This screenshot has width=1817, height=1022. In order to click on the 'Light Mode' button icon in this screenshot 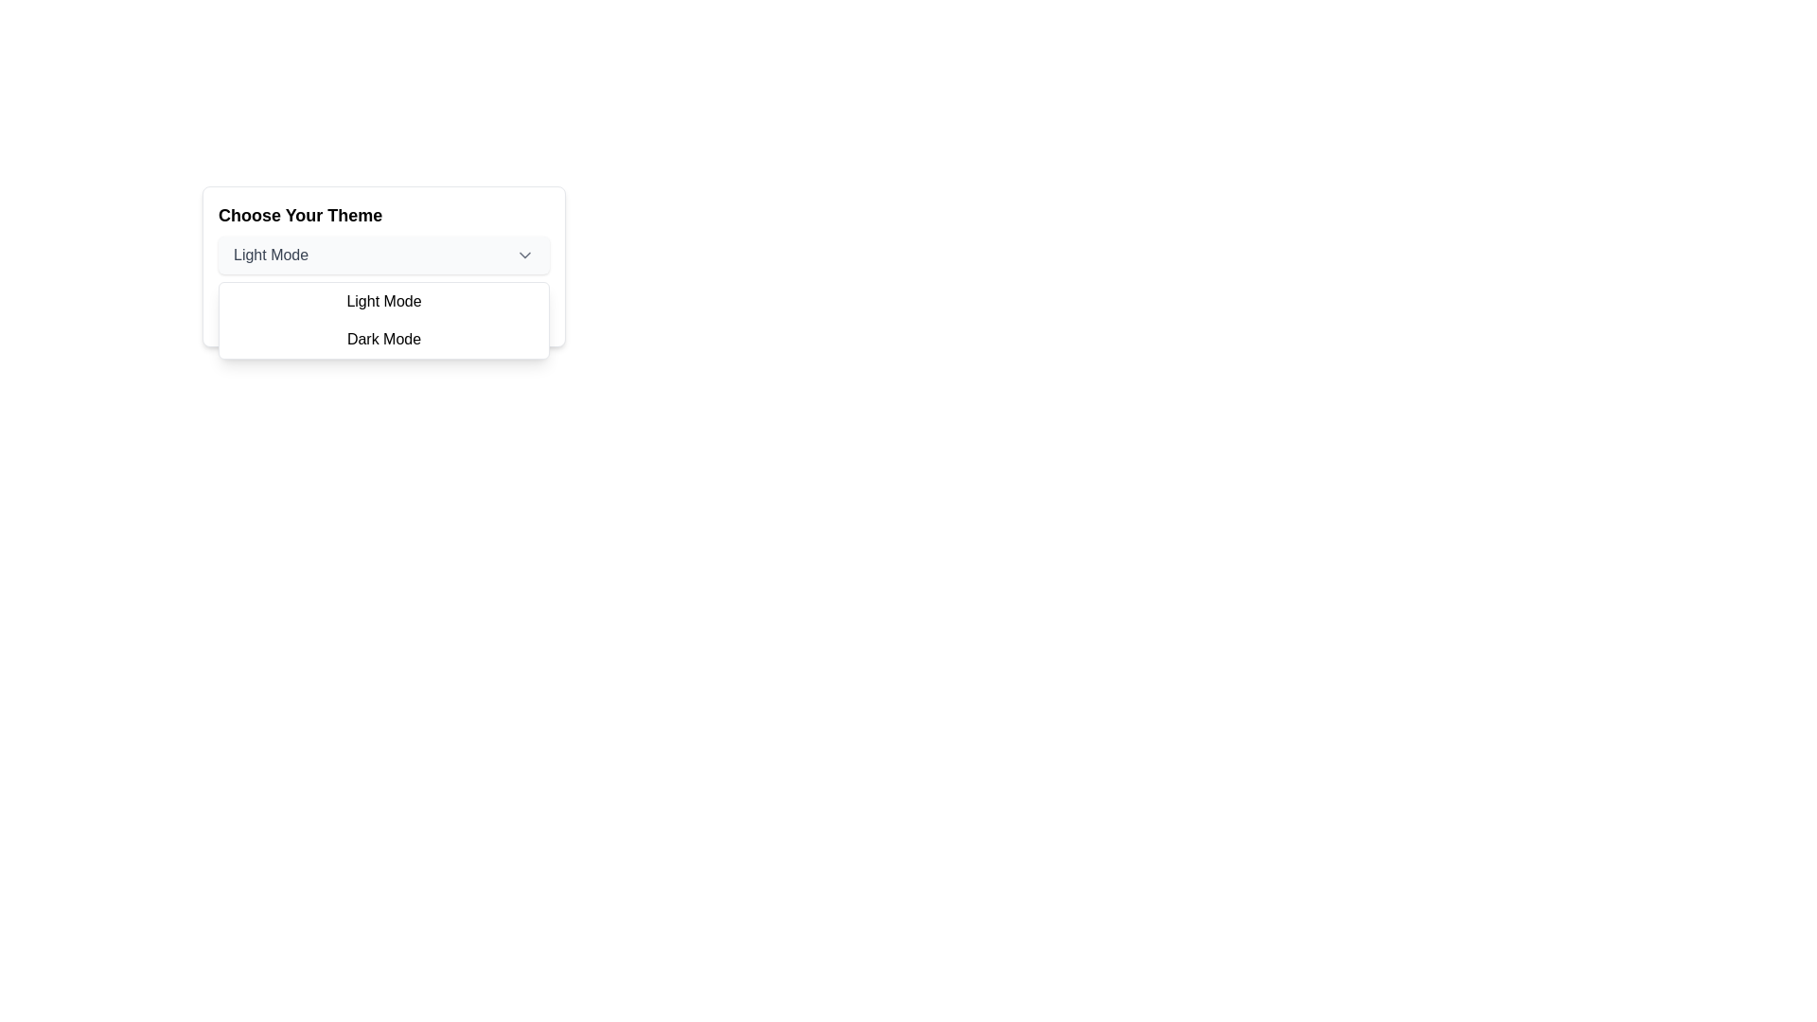, I will do `click(525, 255)`.